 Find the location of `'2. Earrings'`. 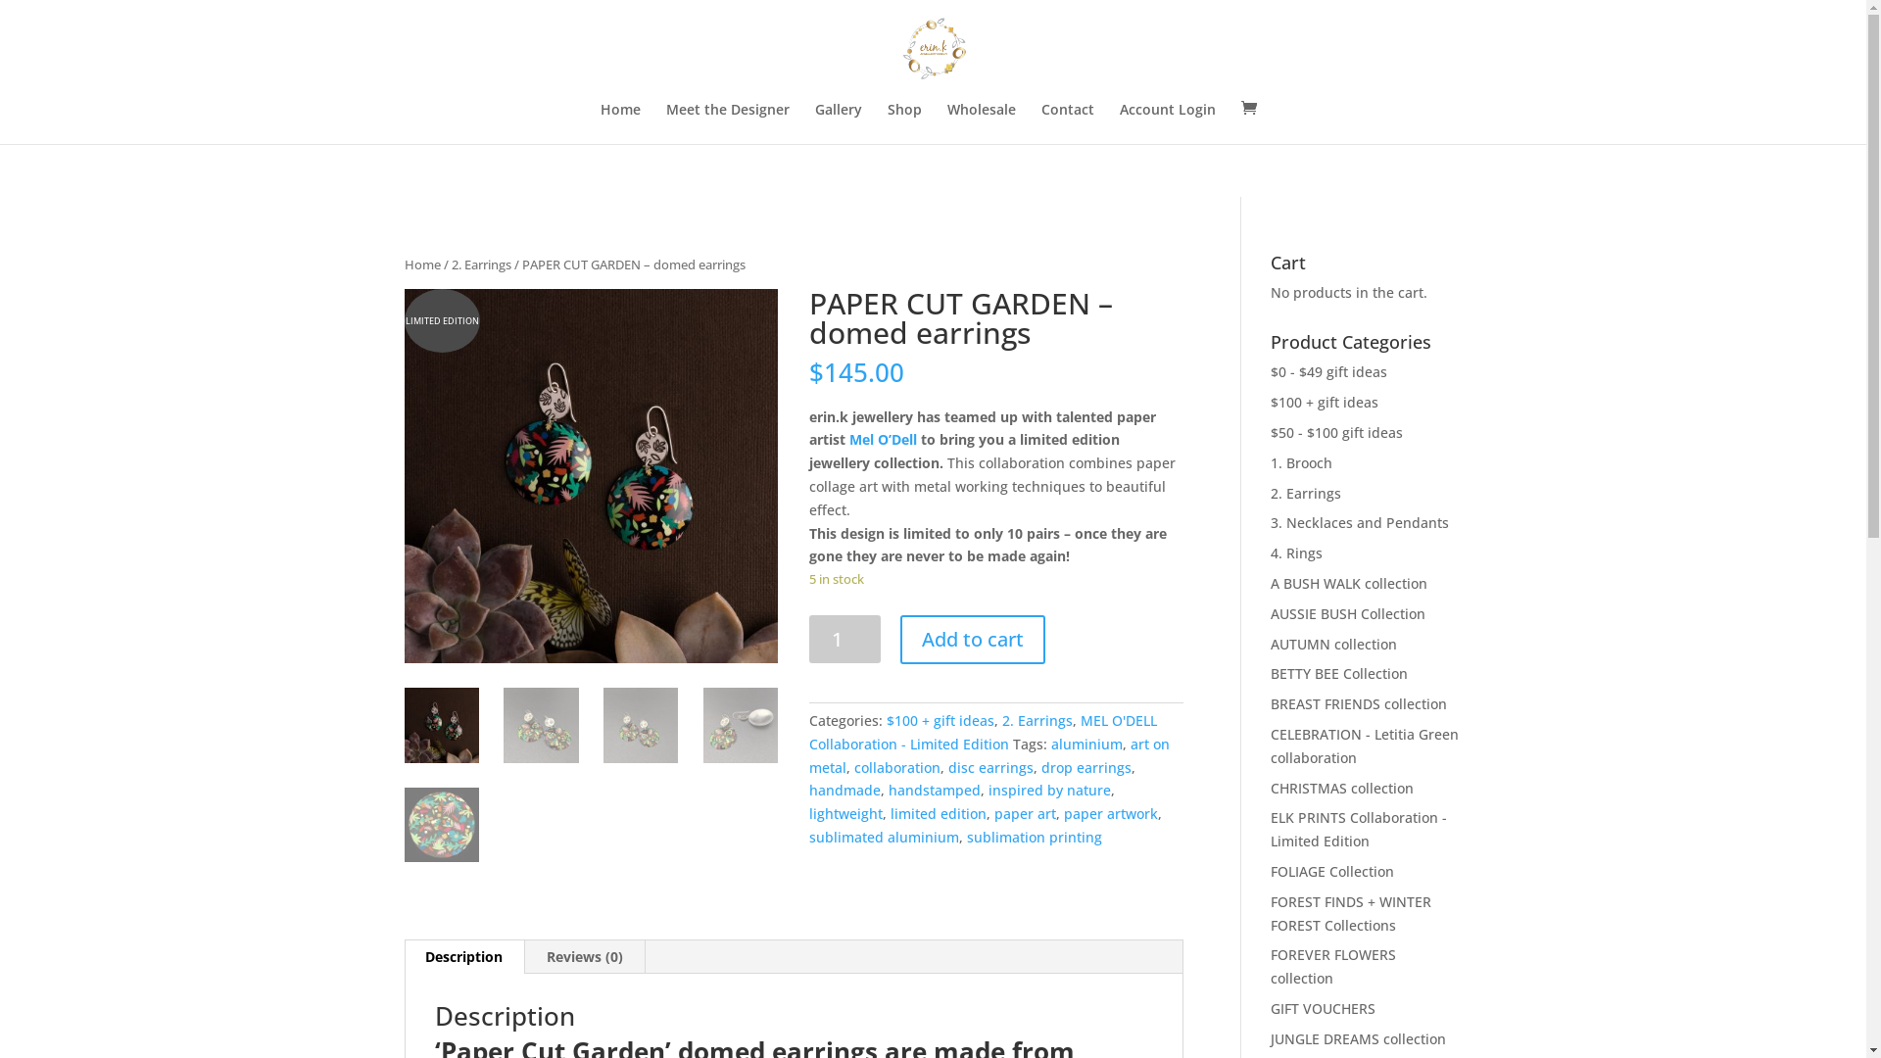

'2. Earrings' is located at coordinates (1306, 492).